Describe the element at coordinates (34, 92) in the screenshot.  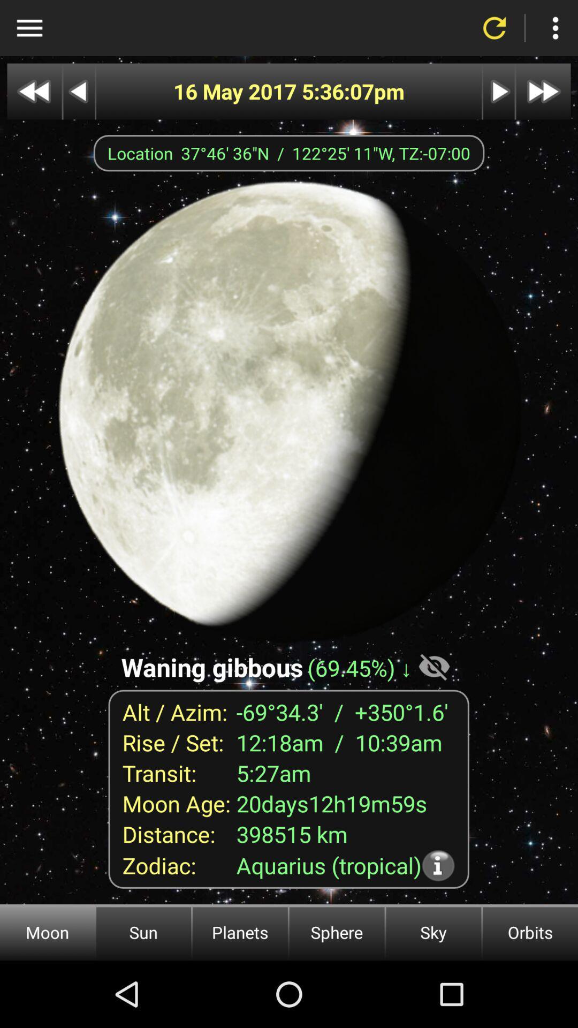
I see `the av_rewind icon` at that location.